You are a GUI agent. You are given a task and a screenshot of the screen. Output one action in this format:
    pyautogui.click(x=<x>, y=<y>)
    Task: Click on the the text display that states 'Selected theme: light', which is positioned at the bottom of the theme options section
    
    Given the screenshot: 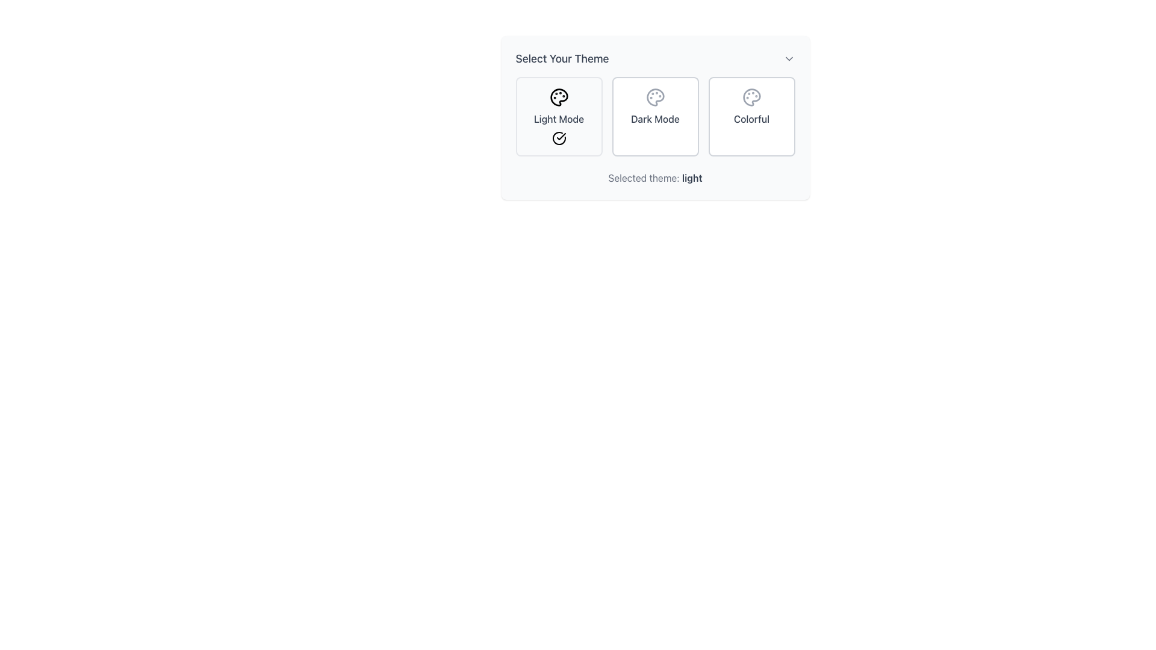 What is the action you would take?
    pyautogui.click(x=654, y=178)
    